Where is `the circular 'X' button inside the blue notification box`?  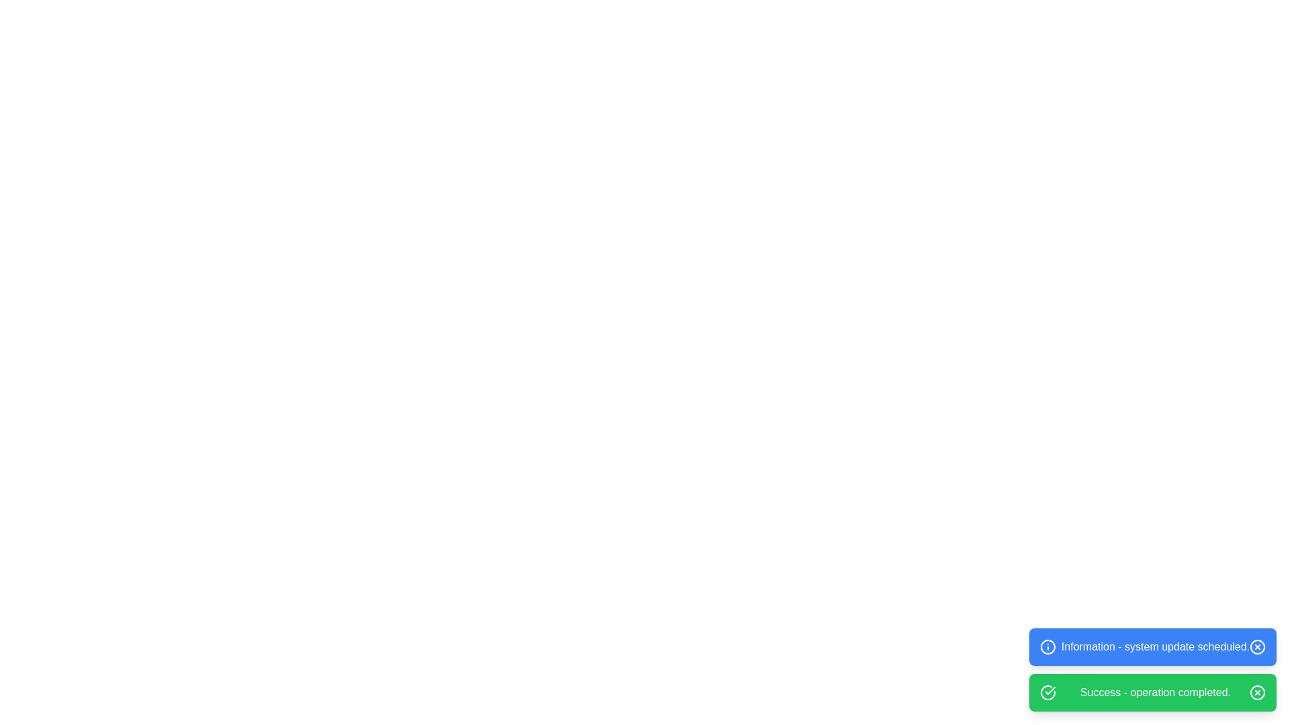
the circular 'X' button inside the blue notification box is located at coordinates (1257, 646).